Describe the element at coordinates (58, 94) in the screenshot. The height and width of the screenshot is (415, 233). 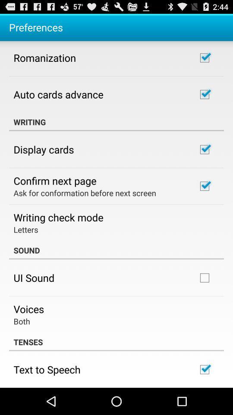
I see `the app below romanization` at that location.